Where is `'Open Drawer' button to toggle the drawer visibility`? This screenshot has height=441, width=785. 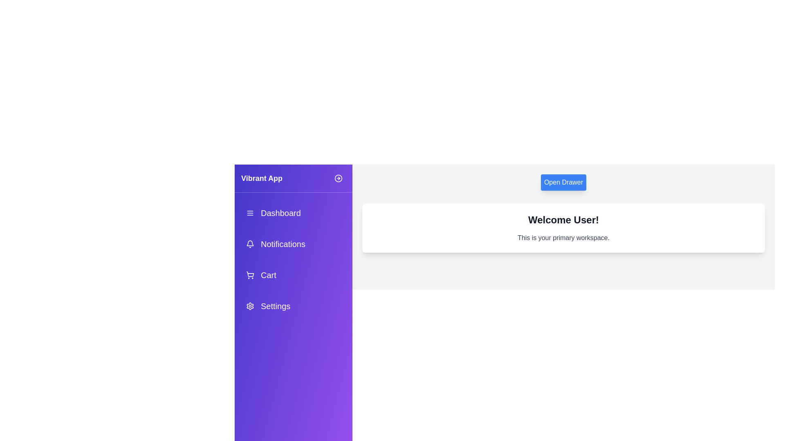 'Open Drawer' button to toggle the drawer visibility is located at coordinates (563, 182).